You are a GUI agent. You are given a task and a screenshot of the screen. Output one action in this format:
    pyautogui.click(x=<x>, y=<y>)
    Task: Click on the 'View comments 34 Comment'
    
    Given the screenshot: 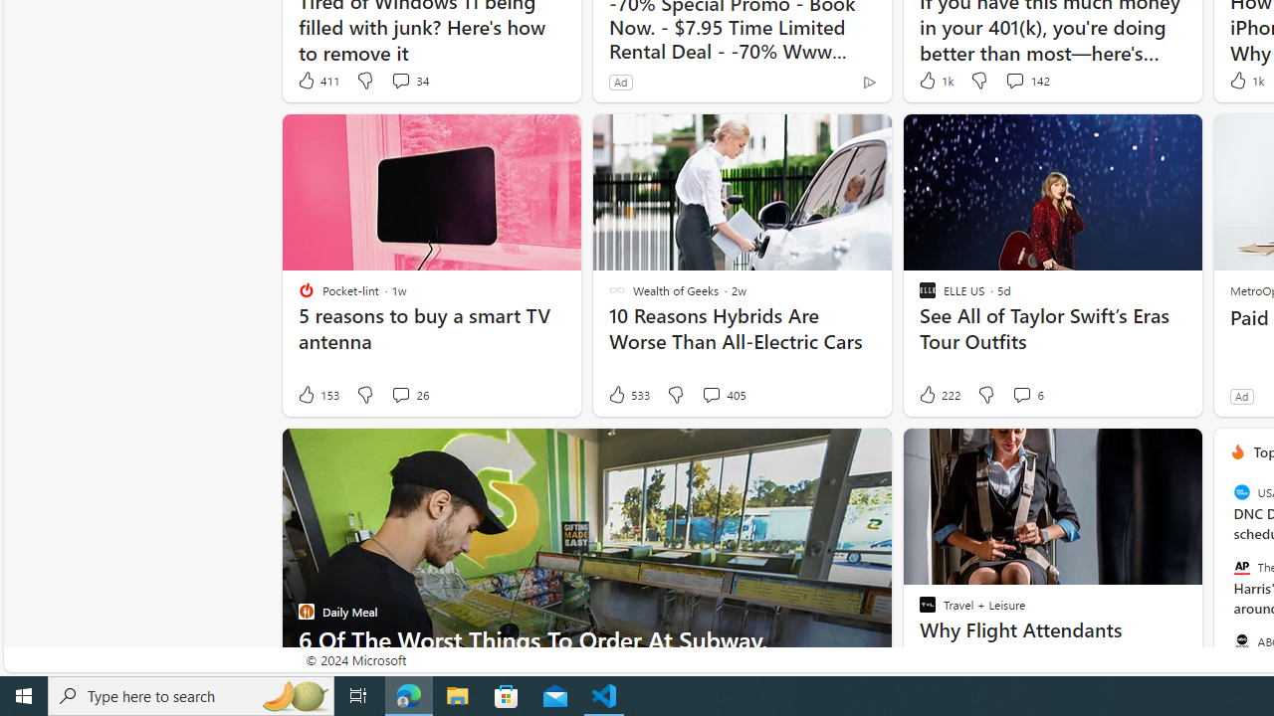 What is the action you would take?
    pyautogui.click(x=399, y=80)
    